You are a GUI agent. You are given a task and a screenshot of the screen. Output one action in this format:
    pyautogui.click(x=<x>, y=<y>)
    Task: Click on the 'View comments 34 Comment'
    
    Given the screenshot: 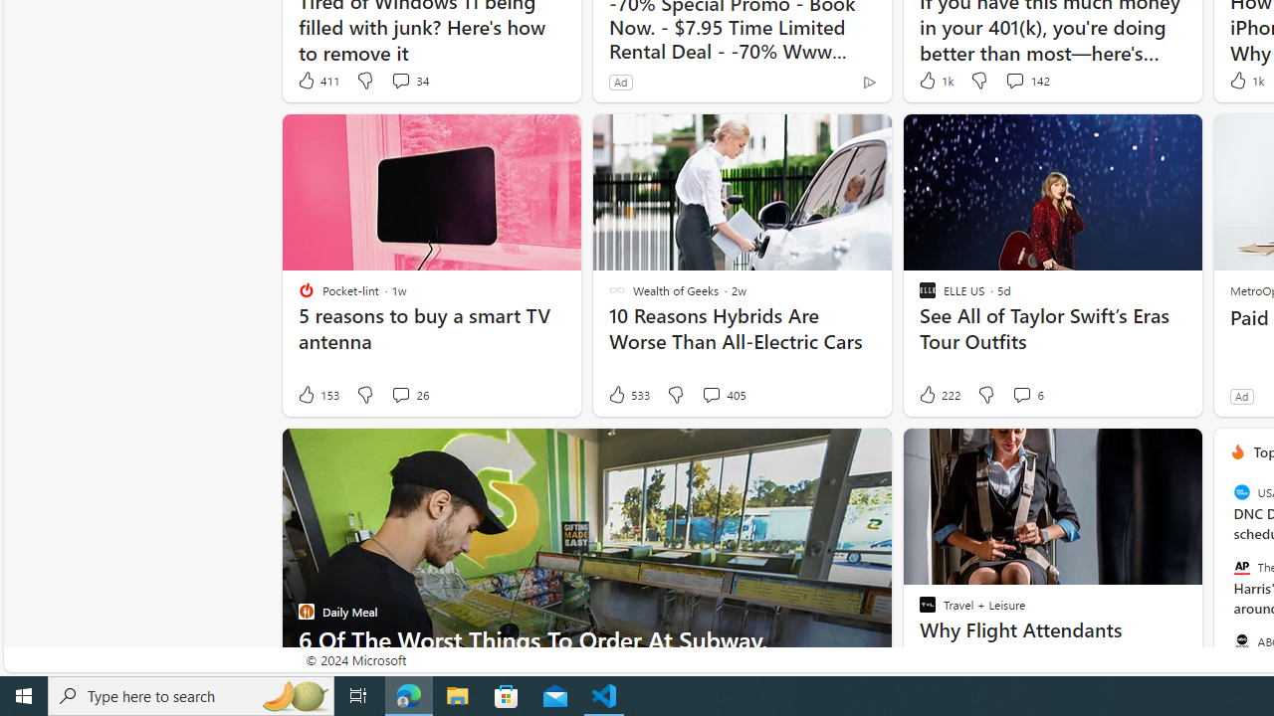 What is the action you would take?
    pyautogui.click(x=399, y=80)
    